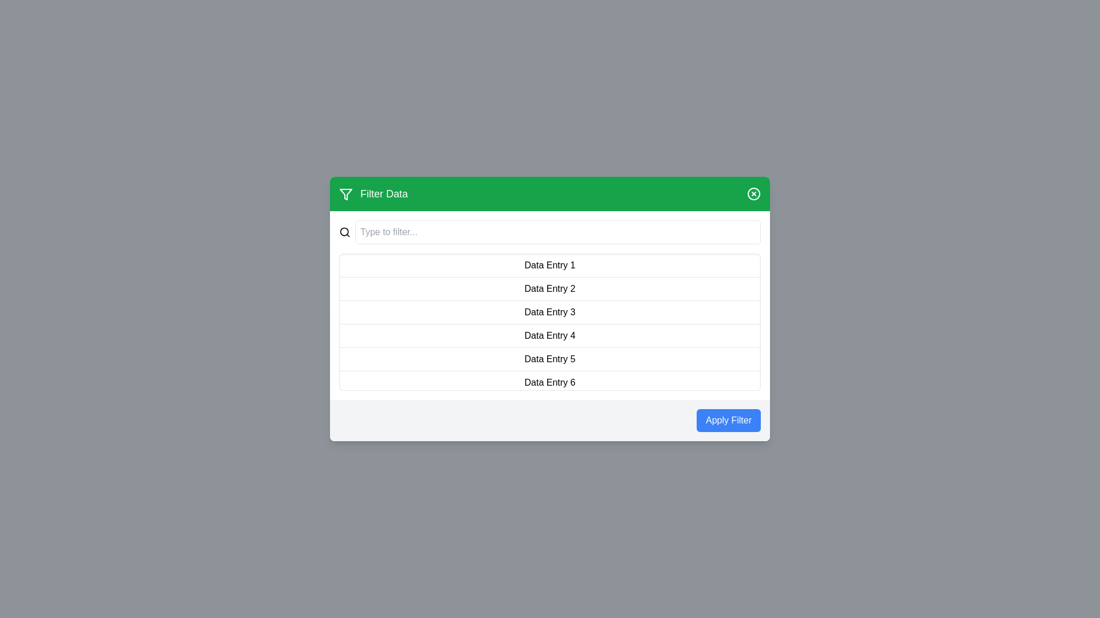 Image resolution: width=1100 pixels, height=618 pixels. Describe the element at coordinates (550, 288) in the screenshot. I see `the item Data Entry 2 from the filtered data list` at that location.